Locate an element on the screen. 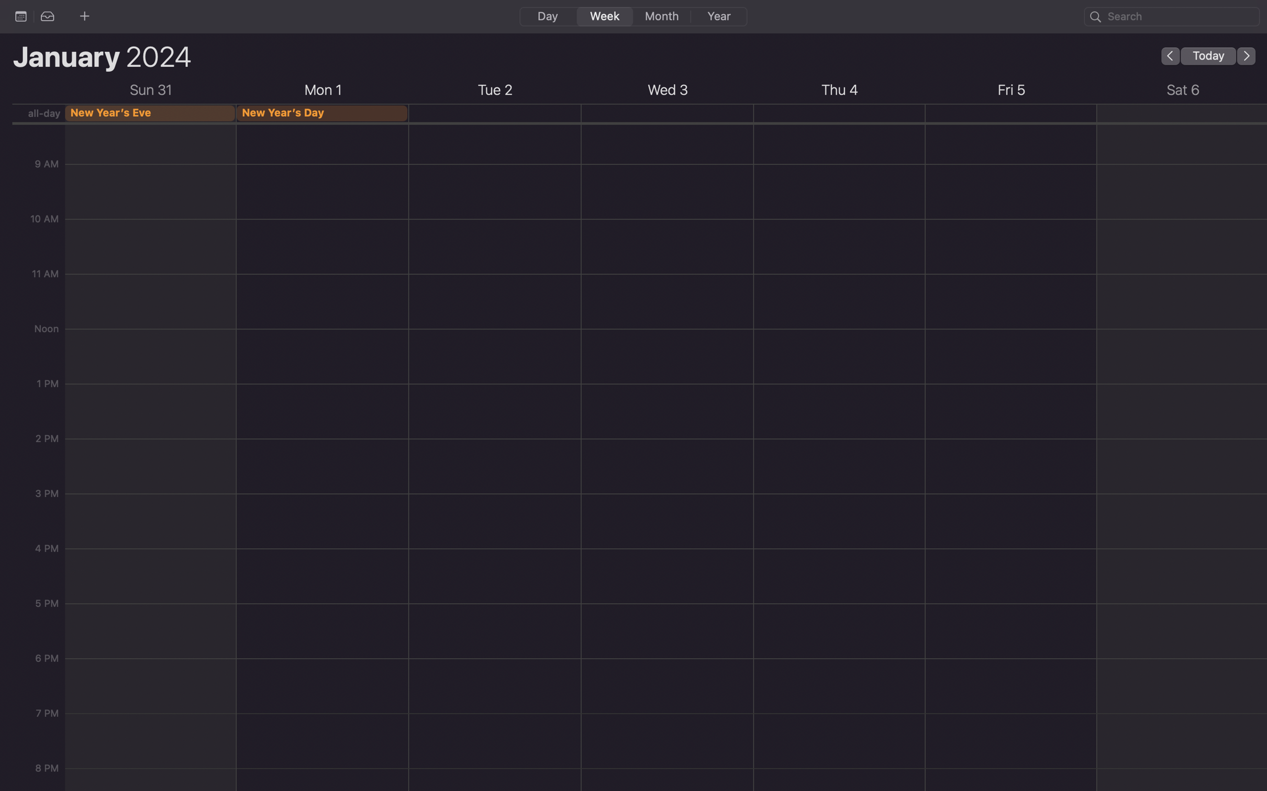  Schedule an event for 1 pm on coming Tuesday is located at coordinates (494, 511).